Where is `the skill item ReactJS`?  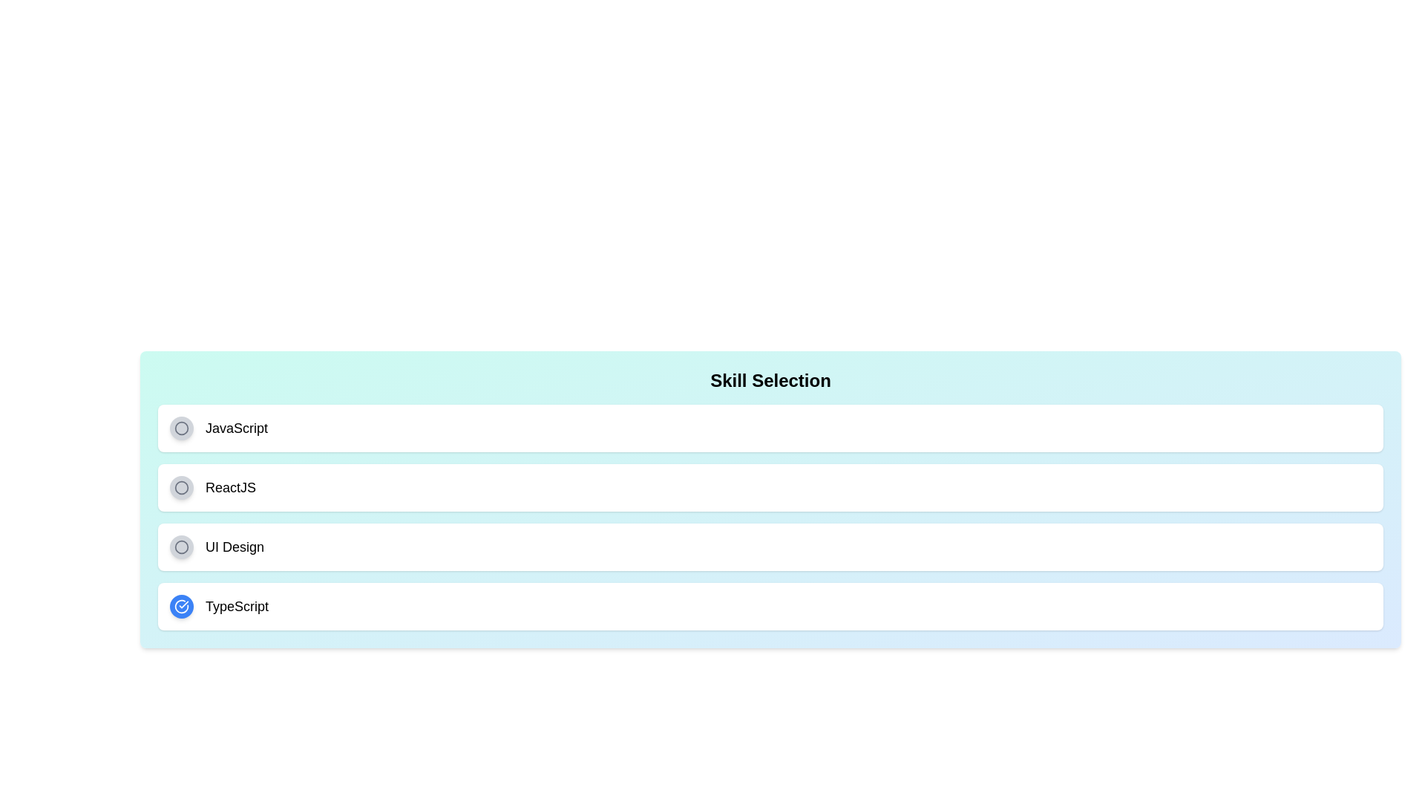 the skill item ReactJS is located at coordinates (770, 487).